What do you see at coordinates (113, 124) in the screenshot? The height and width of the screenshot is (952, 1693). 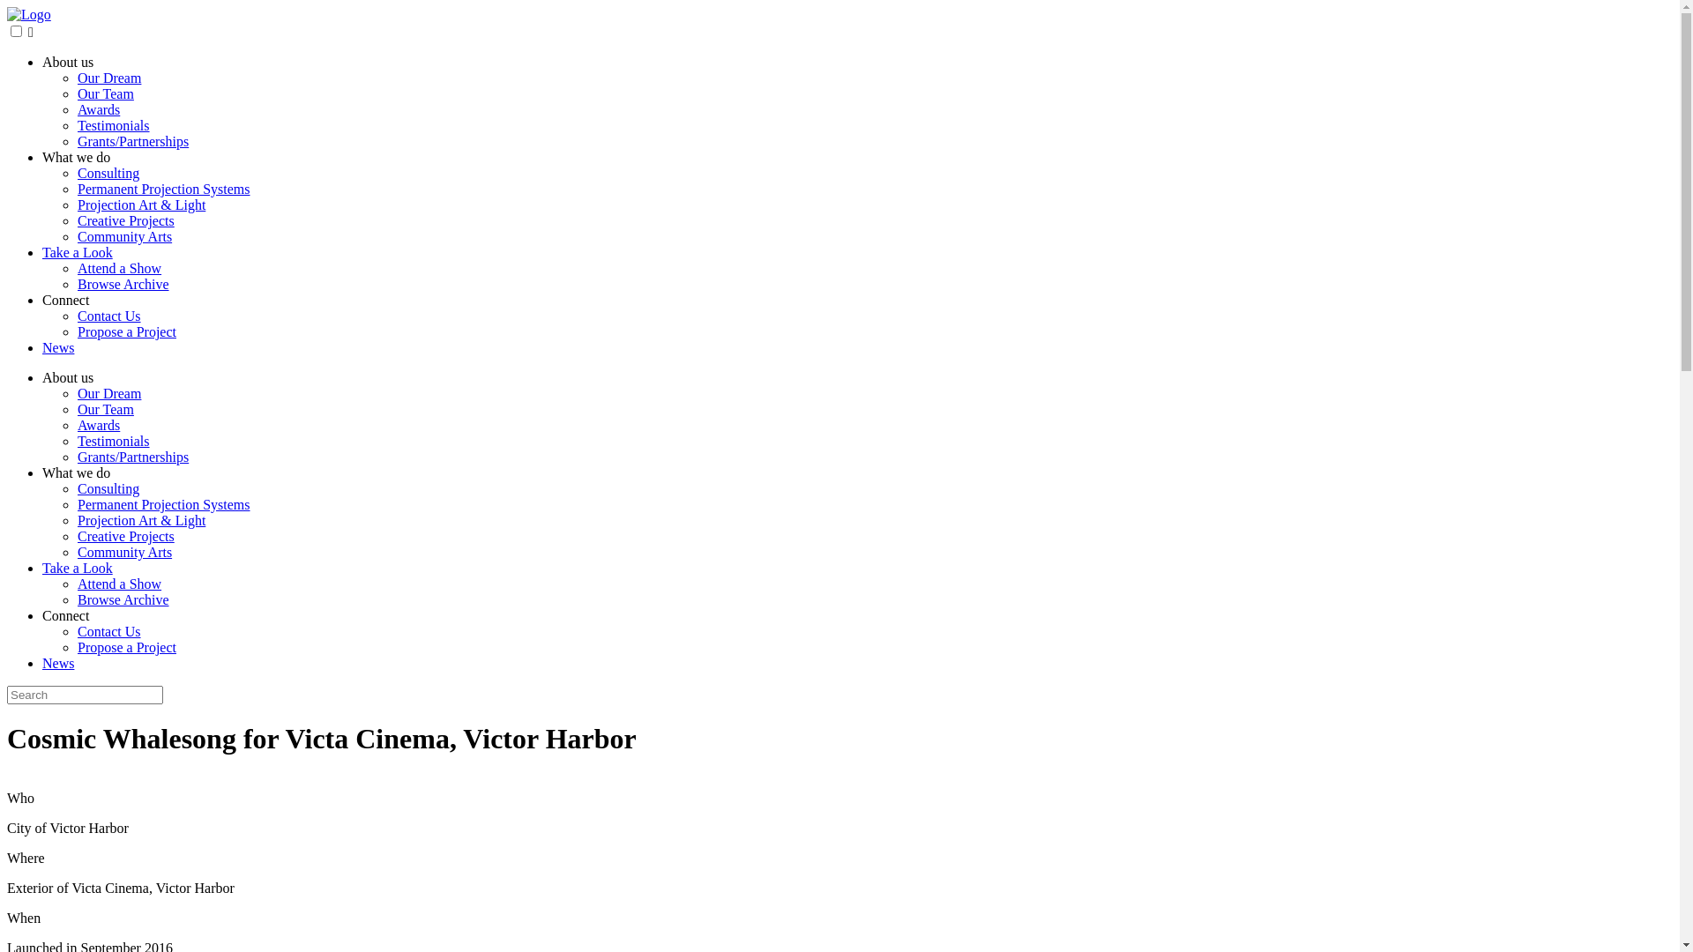 I see `'Testimonials'` at bounding box center [113, 124].